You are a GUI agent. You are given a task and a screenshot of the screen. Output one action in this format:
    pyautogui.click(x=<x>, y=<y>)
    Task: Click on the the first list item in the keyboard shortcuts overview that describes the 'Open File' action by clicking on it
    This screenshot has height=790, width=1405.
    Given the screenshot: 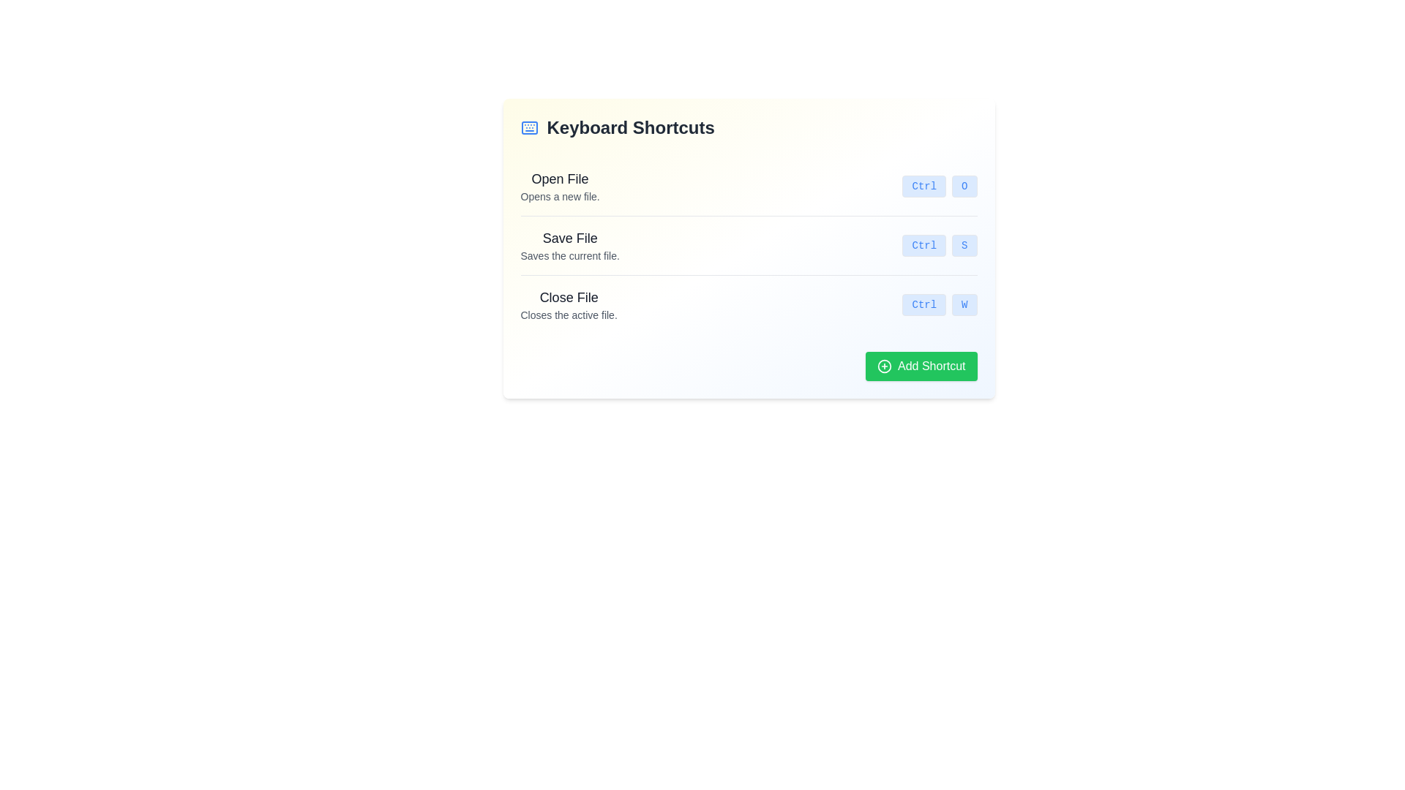 What is the action you would take?
    pyautogui.click(x=749, y=185)
    